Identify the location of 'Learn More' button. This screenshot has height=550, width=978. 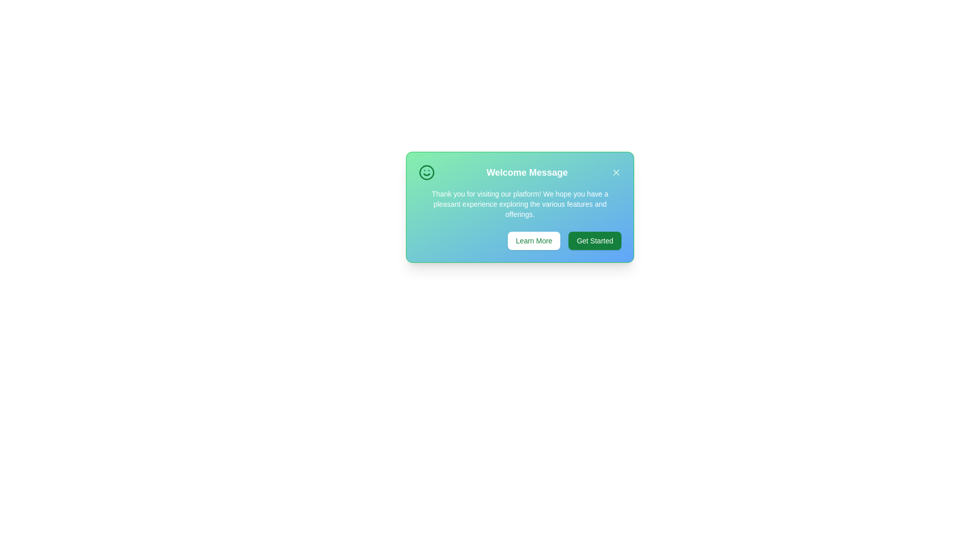
(533, 241).